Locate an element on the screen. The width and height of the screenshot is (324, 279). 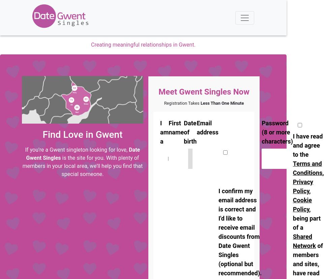
'Date Gwent Singles' is located at coordinates (83, 153).